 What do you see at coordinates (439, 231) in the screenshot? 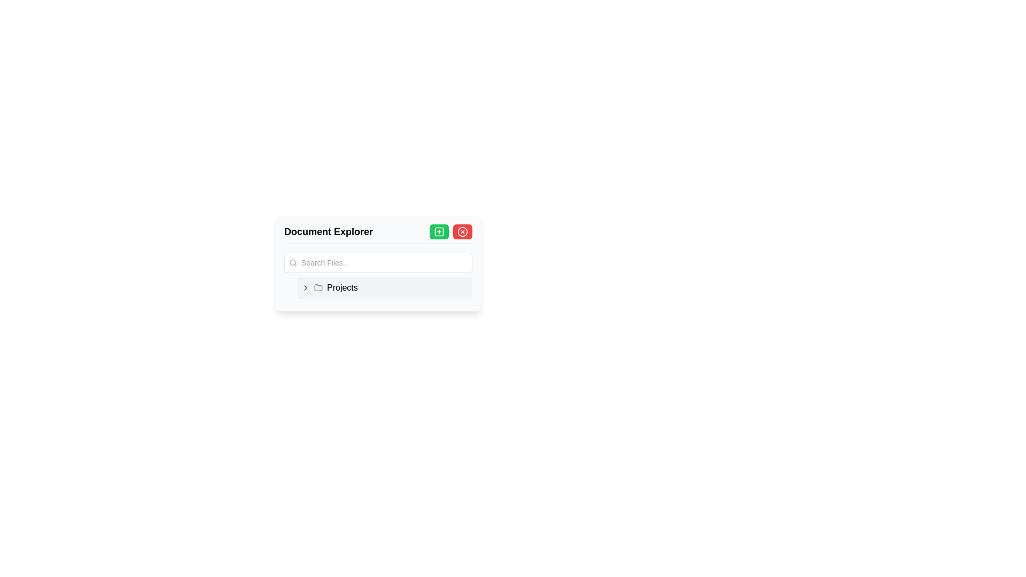
I see `the green outlined square icon button in the Document Explorer interface` at bounding box center [439, 231].